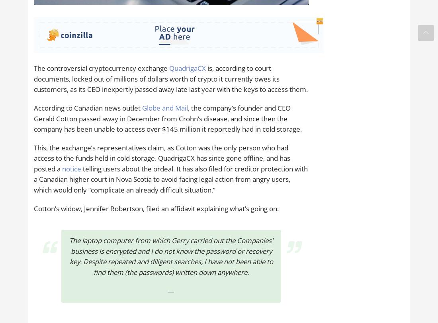  What do you see at coordinates (187, 68) in the screenshot?
I see `'QuadrigaCX'` at bounding box center [187, 68].